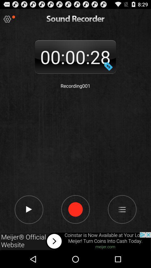 This screenshot has height=268, width=151. Describe the element at coordinates (7, 20) in the screenshot. I see `the settings icon` at that location.